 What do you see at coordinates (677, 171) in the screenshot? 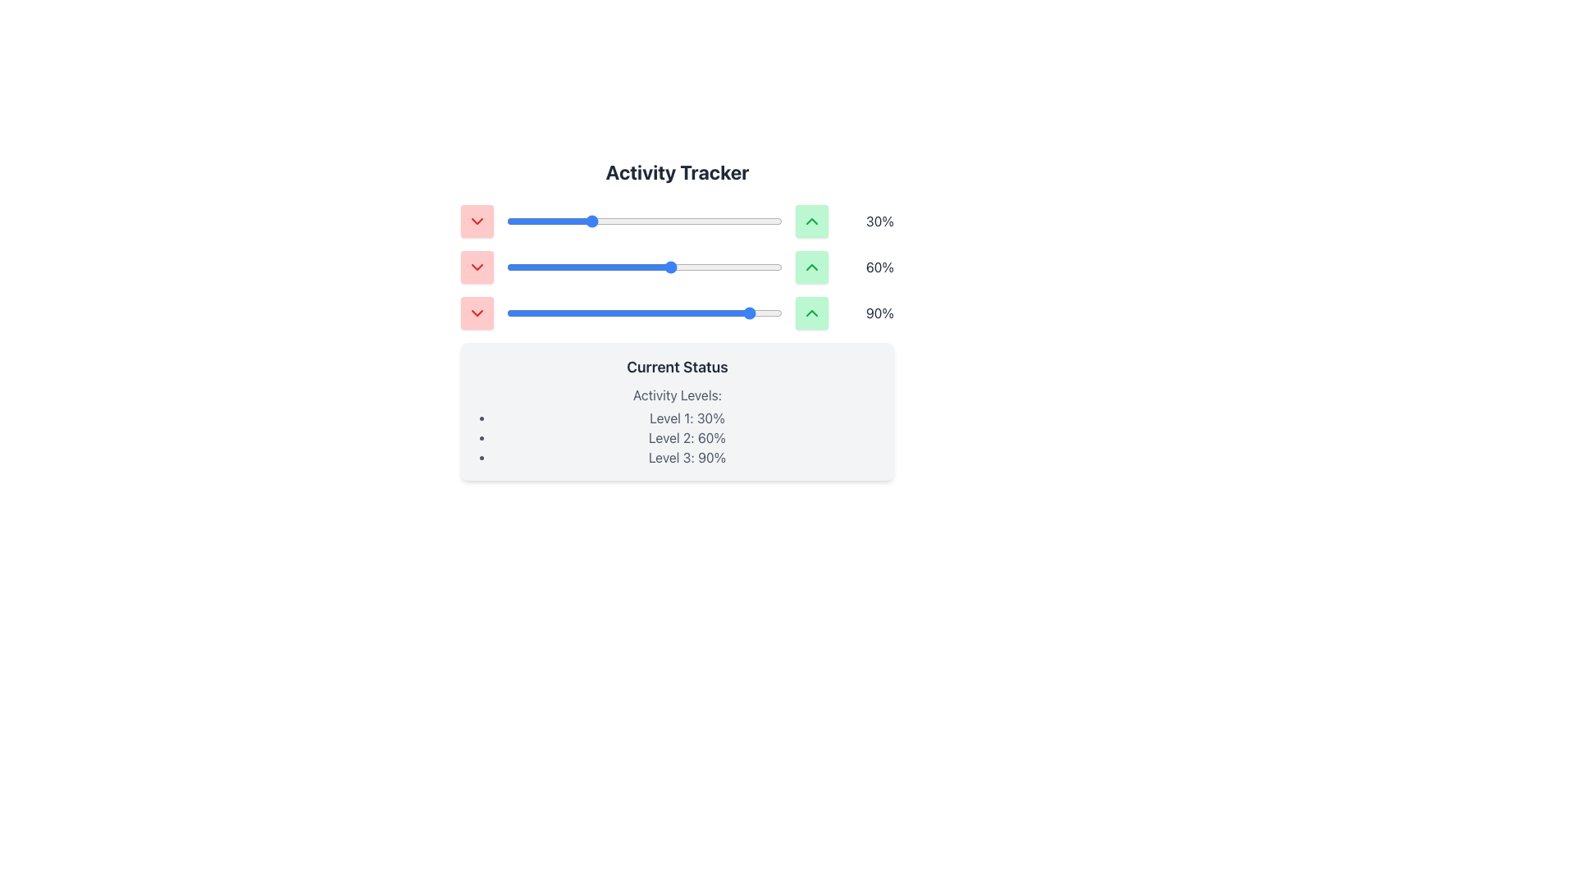
I see `the 'Activity Tracker' text header` at bounding box center [677, 171].